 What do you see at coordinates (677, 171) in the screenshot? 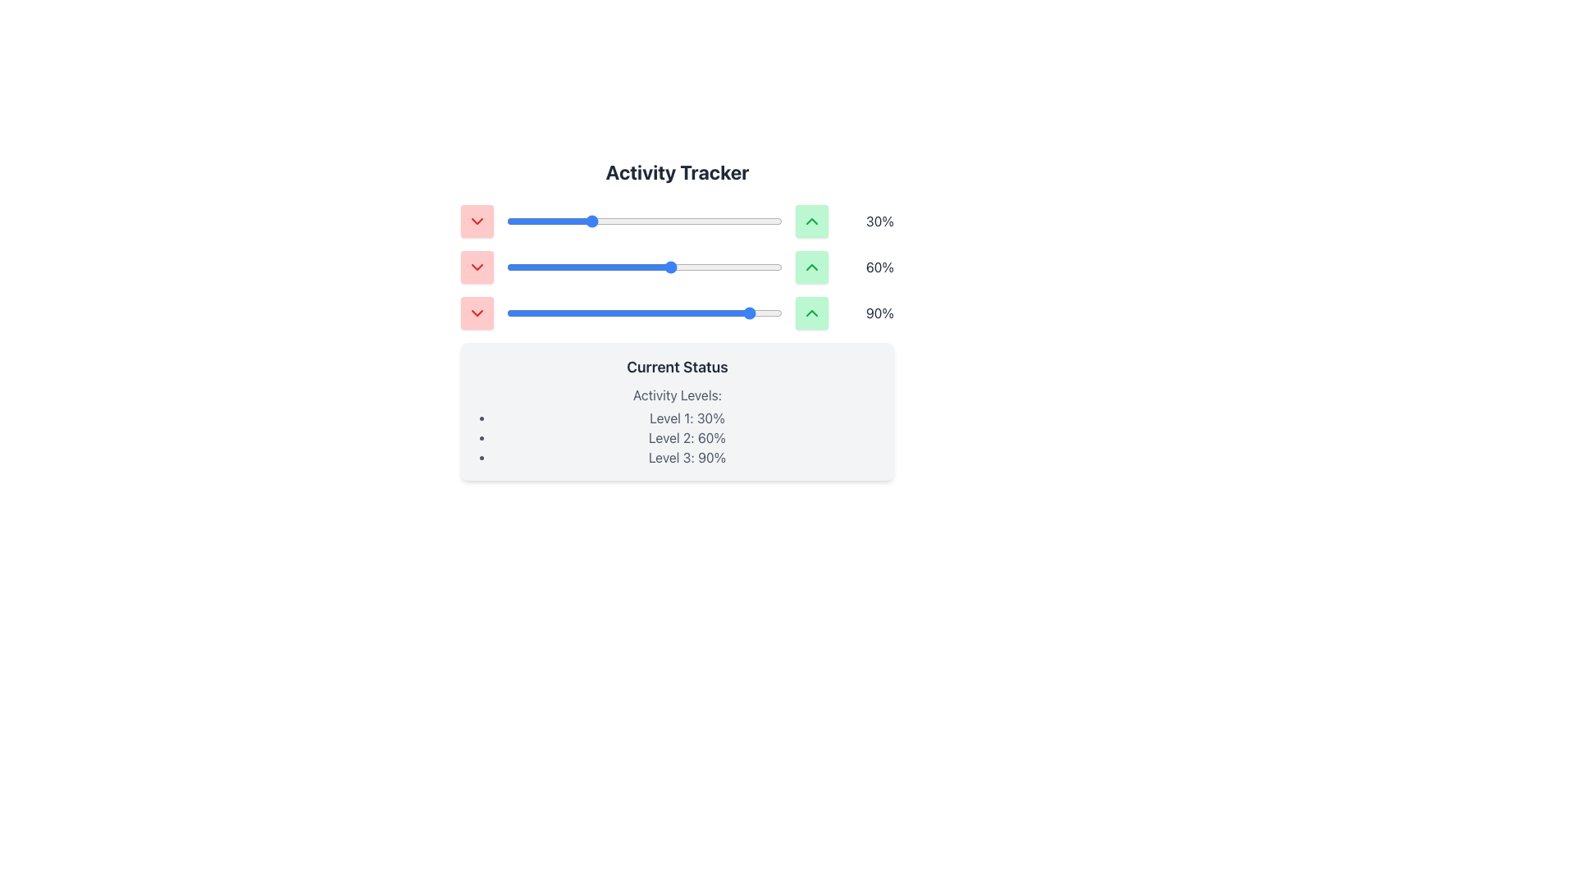
I see `the 'Activity Tracker' text header` at bounding box center [677, 171].